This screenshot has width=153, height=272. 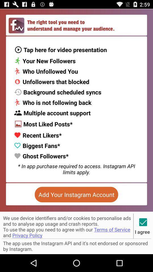 I want to click on the add your instagram, so click(x=76, y=194).